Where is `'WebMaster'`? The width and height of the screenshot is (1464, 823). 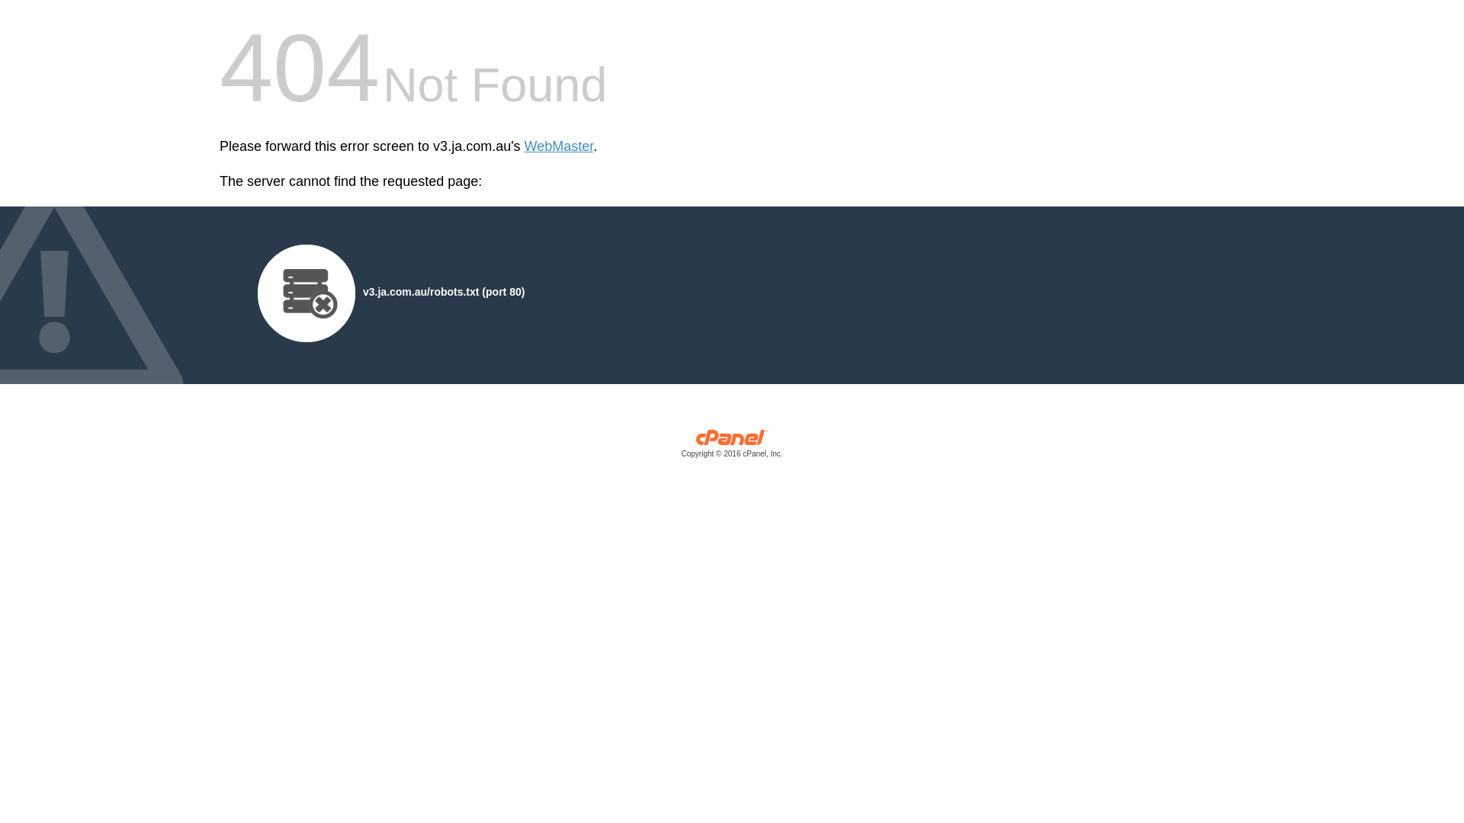
'WebMaster' is located at coordinates (558, 146).